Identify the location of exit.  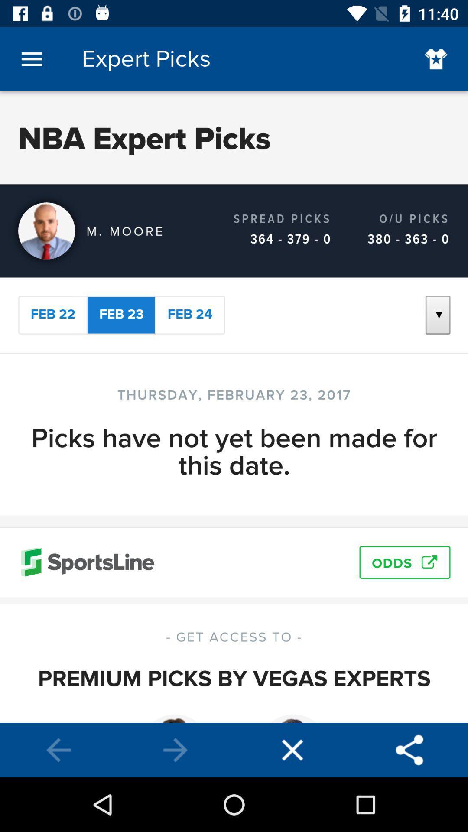
(292, 750).